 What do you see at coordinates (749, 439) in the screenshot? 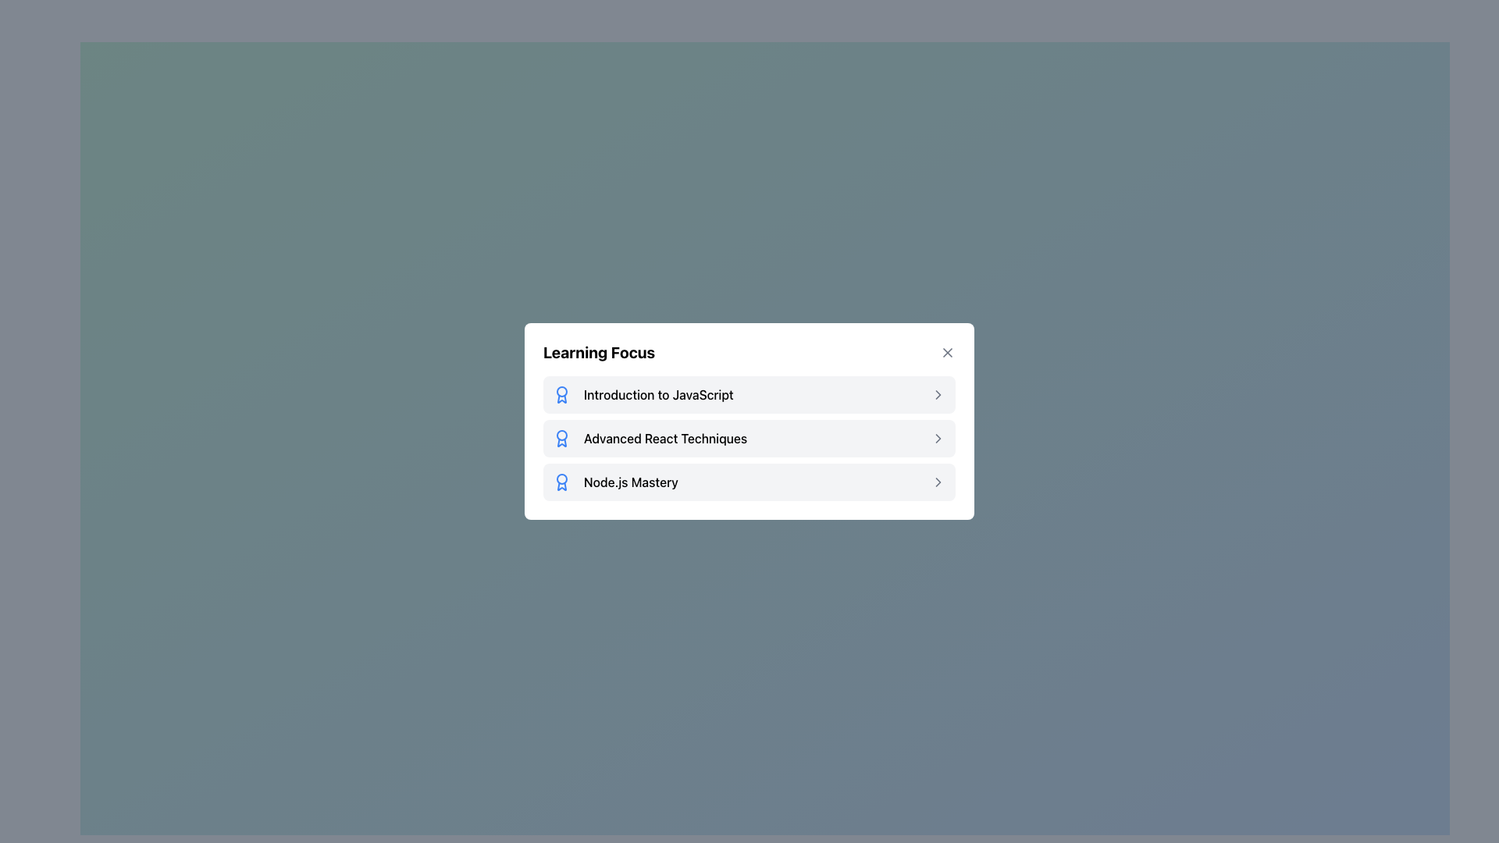
I see `the second clickable list item for 'Advanced React Techniques' located below 'Introduction to JavaScript' and above 'Node.js Mastery'` at bounding box center [749, 439].